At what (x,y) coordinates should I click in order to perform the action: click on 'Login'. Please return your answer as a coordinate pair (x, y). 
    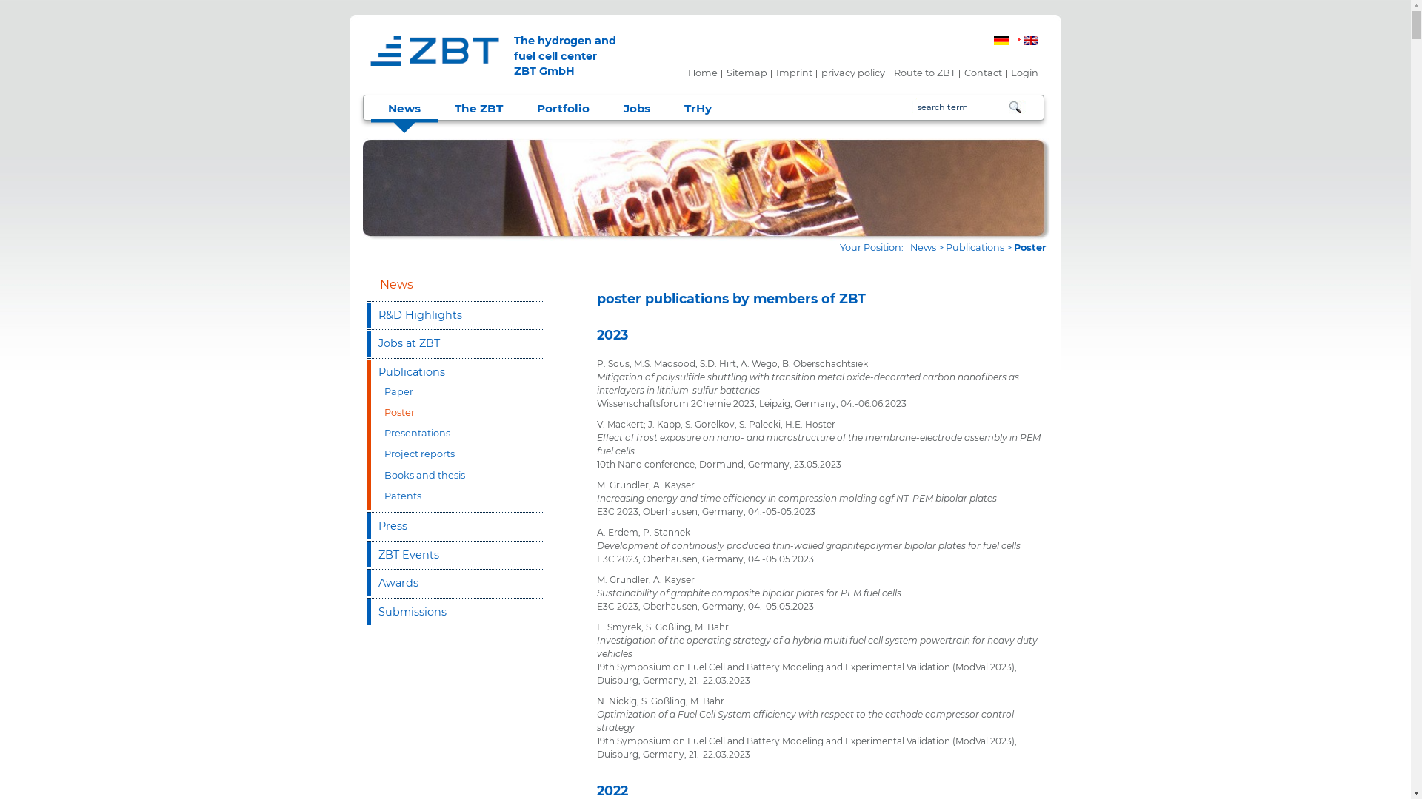
    Looking at the image, I should click on (1024, 73).